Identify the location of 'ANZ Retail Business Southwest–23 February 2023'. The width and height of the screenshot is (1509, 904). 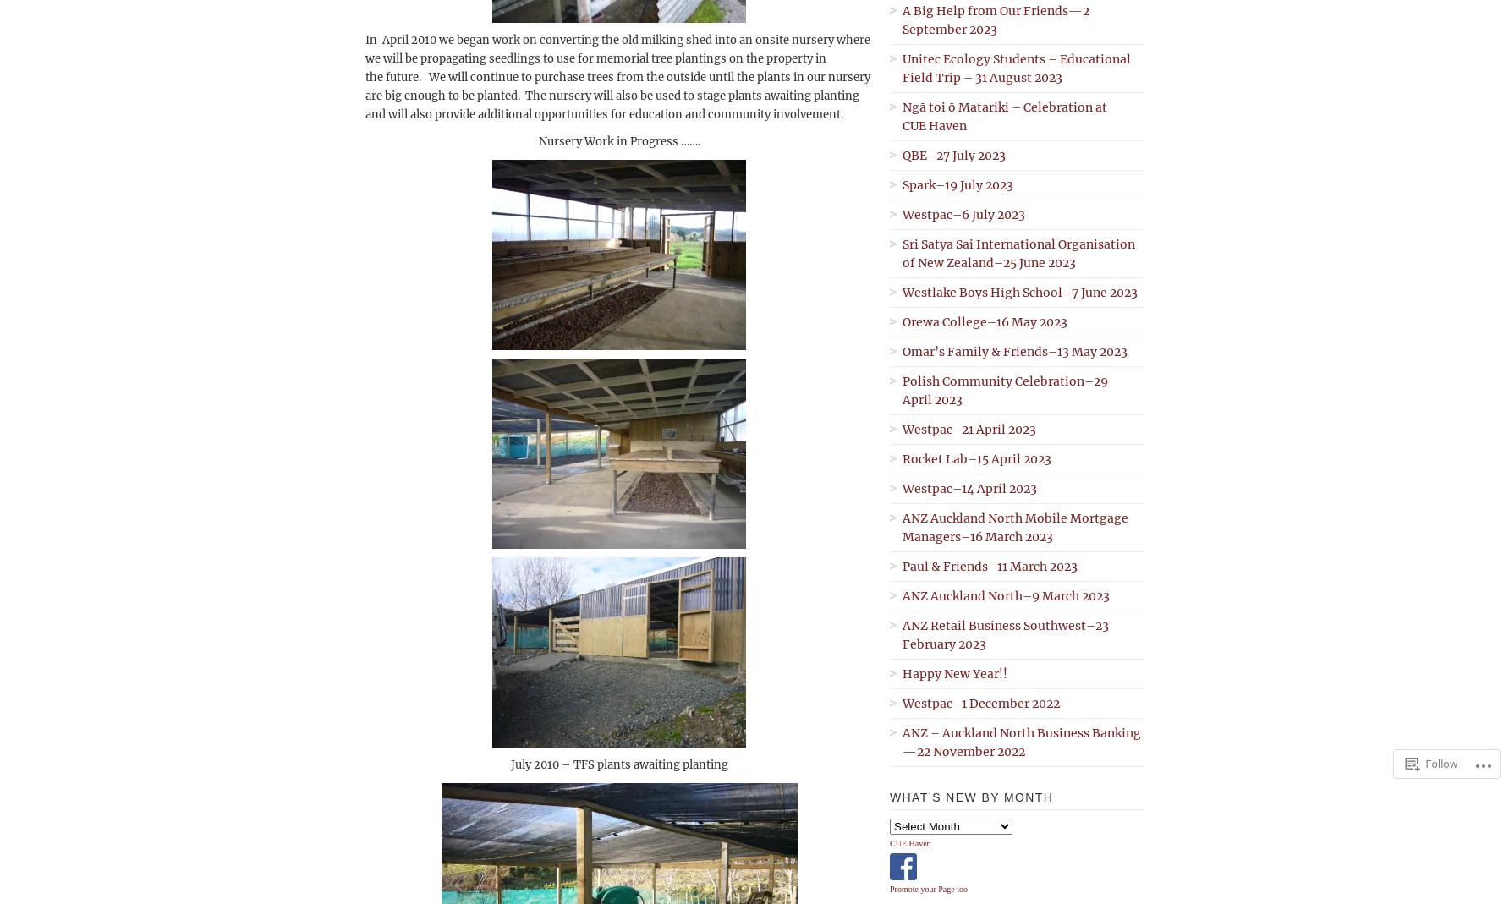
(1006, 634).